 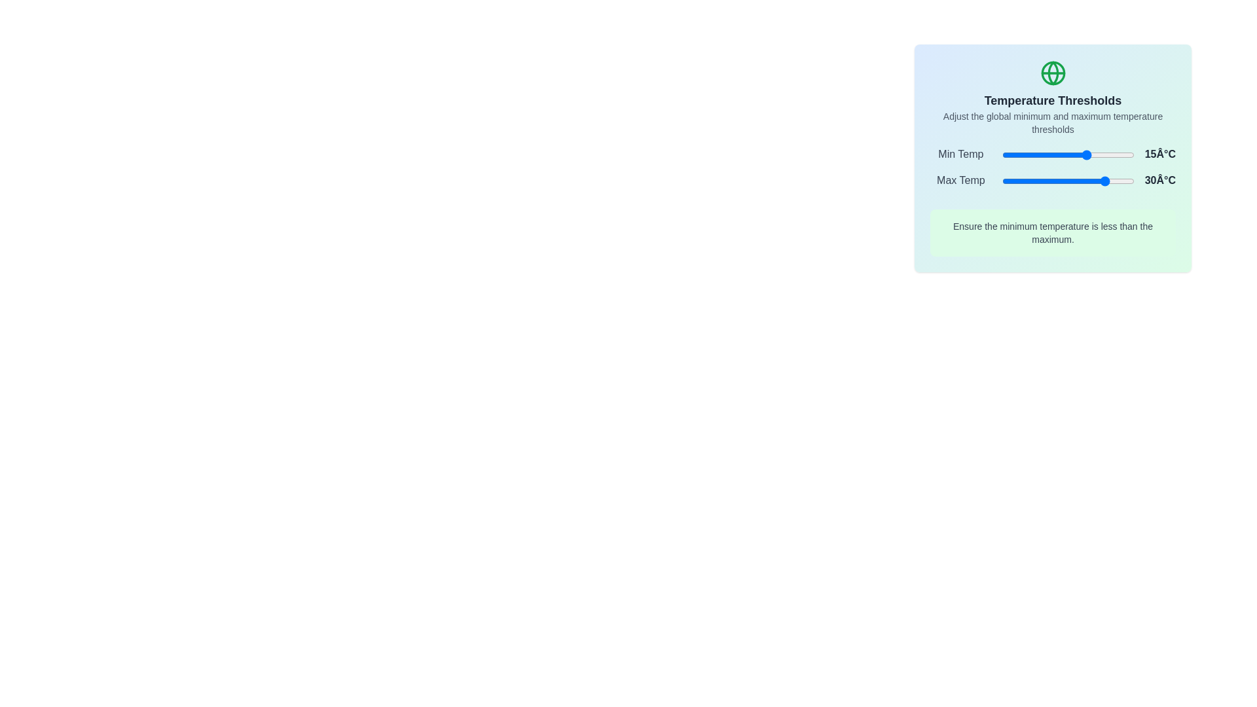 I want to click on the minimum temperature slider to -29°C, so click(x=1029, y=154).